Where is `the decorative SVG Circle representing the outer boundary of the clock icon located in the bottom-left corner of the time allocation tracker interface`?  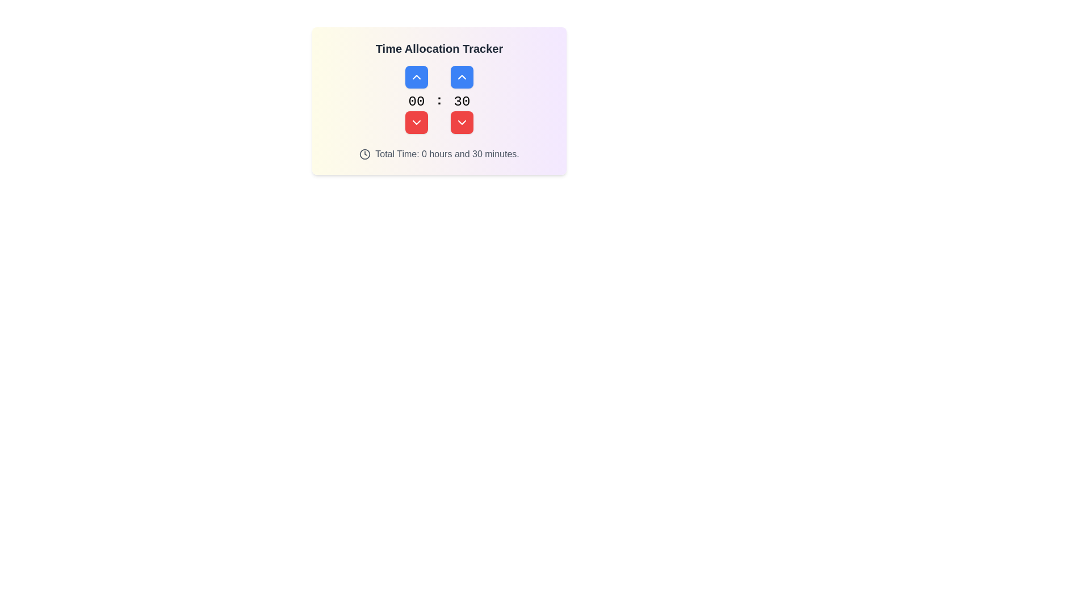 the decorative SVG Circle representing the outer boundary of the clock icon located in the bottom-left corner of the time allocation tracker interface is located at coordinates (365, 154).